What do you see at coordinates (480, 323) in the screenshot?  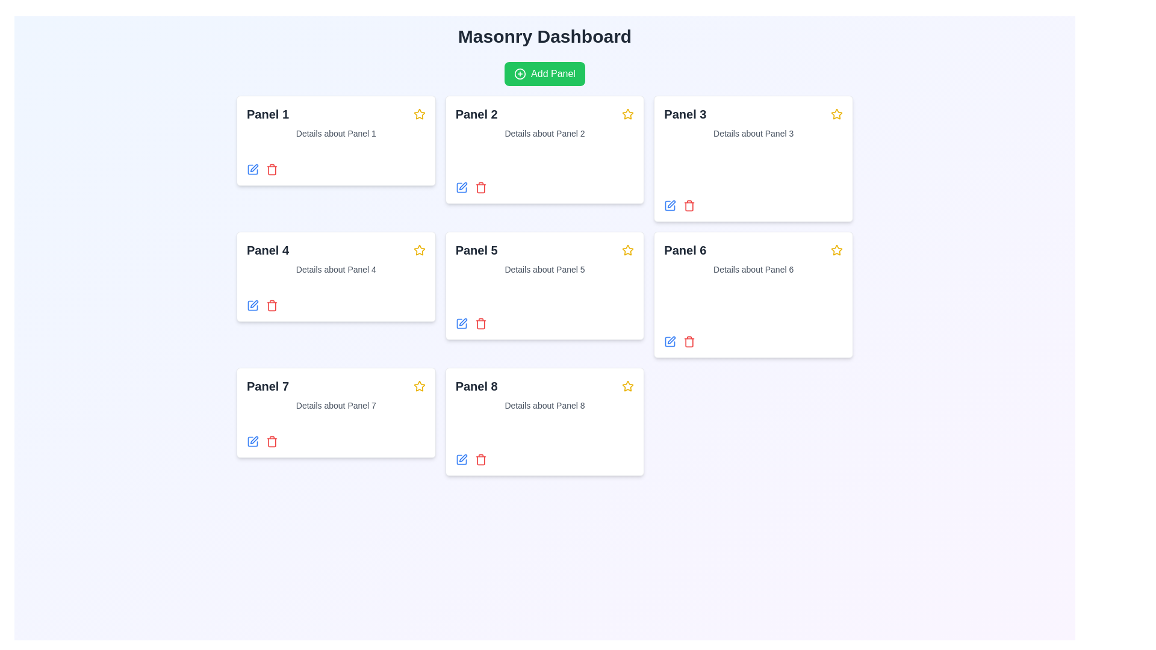 I see `the delete button located at the bottom-right corner of 'Panel 5'` at bounding box center [480, 323].